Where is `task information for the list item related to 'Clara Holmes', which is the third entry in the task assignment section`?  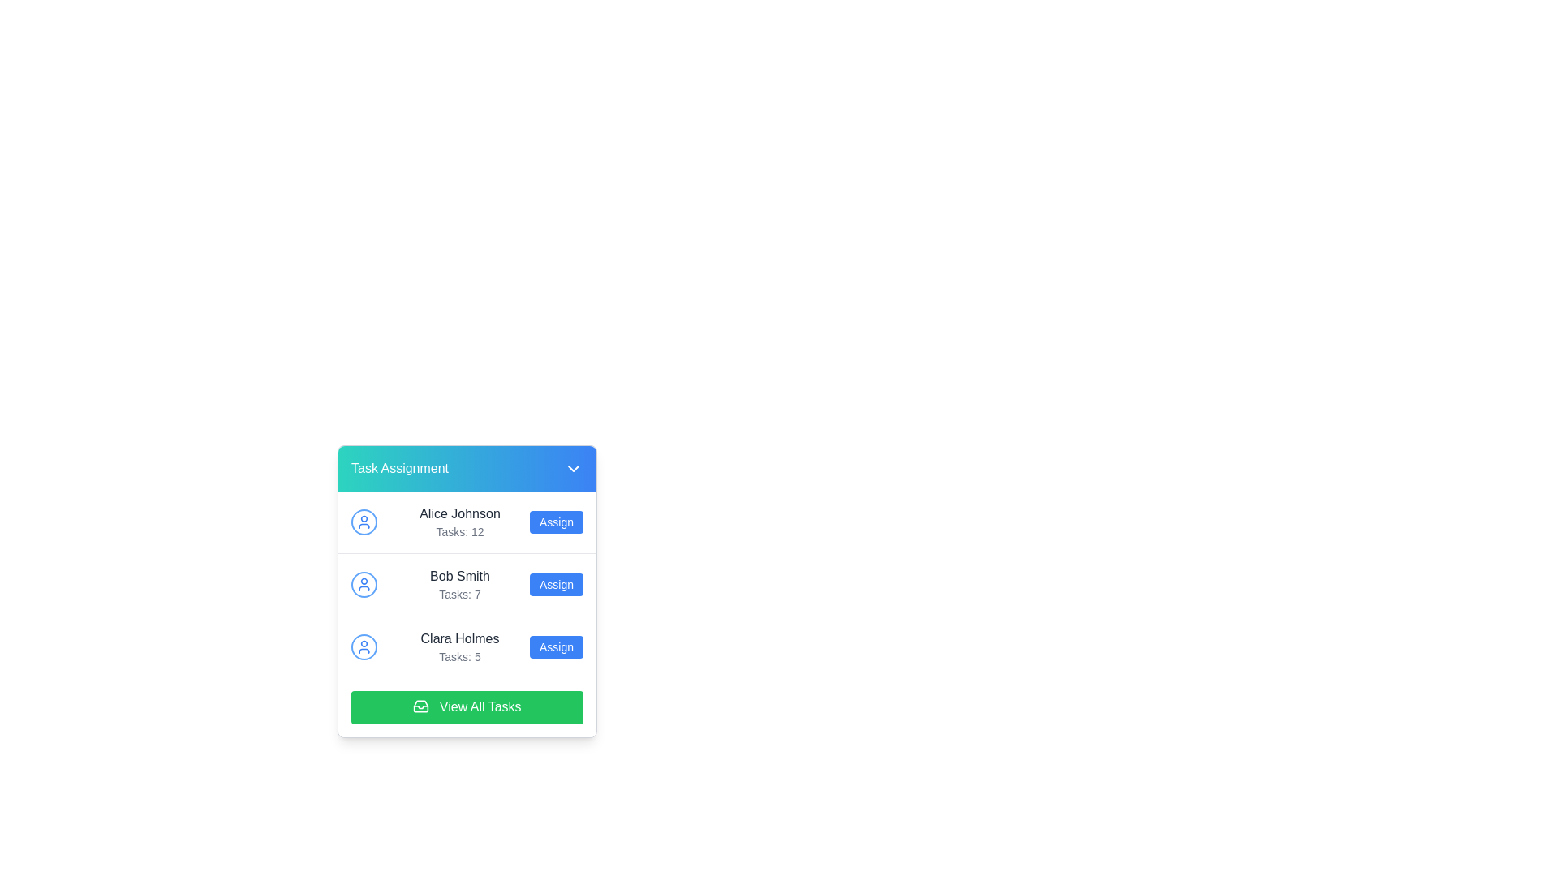 task information for the list item related to 'Clara Holmes', which is the third entry in the task assignment section is located at coordinates (467, 646).